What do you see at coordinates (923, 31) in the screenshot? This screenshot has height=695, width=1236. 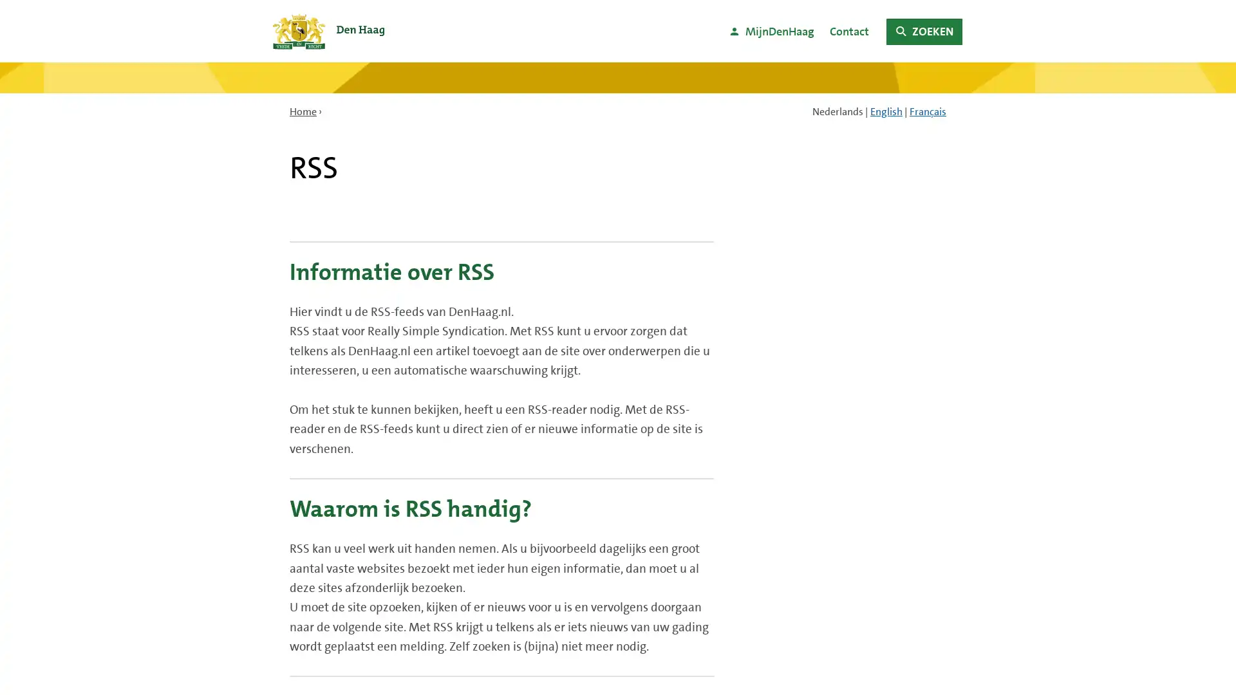 I see `ZOEKEN` at bounding box center [923, 31].